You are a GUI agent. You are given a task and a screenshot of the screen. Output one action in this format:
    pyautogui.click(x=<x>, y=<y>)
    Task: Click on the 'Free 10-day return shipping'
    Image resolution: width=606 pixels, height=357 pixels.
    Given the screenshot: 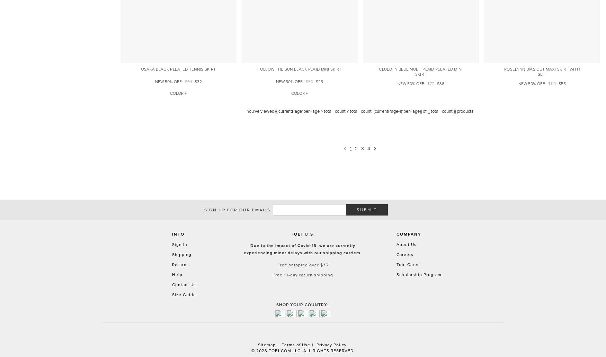 What is the action you would take?
    pyautogui.click(x=303, y=275)
    